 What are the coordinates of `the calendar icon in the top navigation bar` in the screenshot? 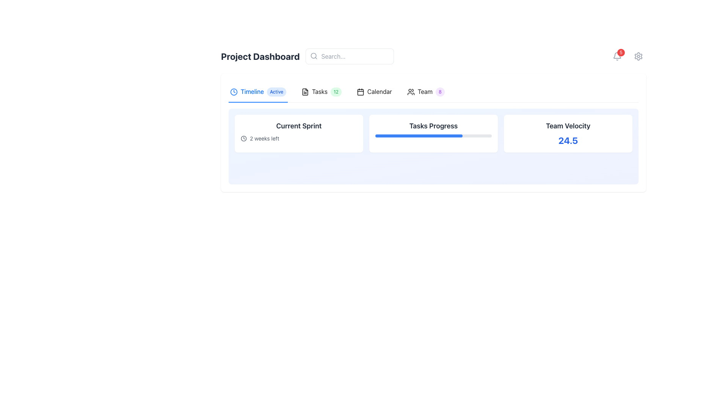 It's located at (360, 91).